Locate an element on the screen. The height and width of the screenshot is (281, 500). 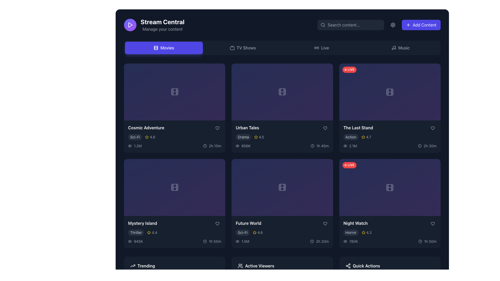
the icon representing movies or films, centered within the 'Future World' card located in the middle row and second column of the grid layout is located at coordinates (282, 187).